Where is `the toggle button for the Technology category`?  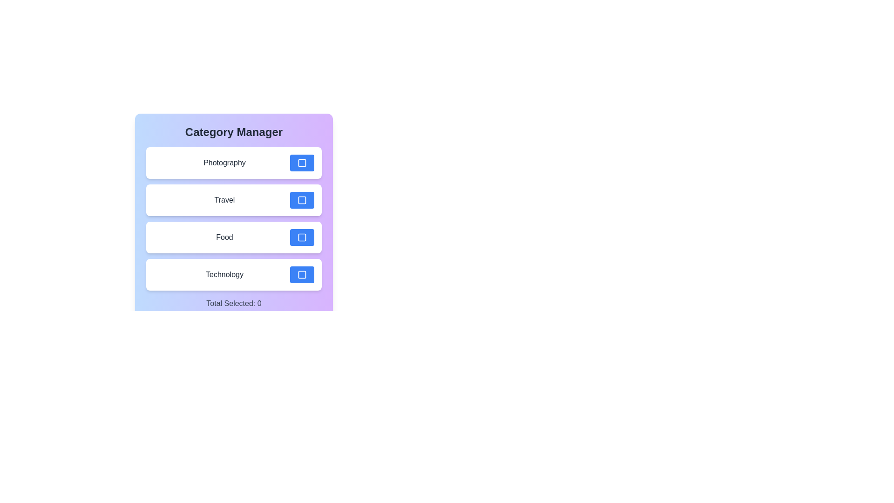 the toggle button for the Technology category is located at coordinates (302, 274).